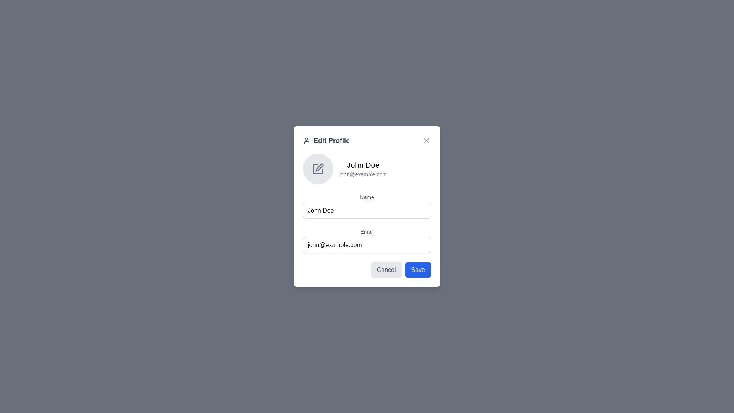 The width and height of the screenshot is (734, 413). I want to click on the user profile summary section, which displays the user's name and email address, located at the top of the 'Edit Profile' modal, so click(367, 169).